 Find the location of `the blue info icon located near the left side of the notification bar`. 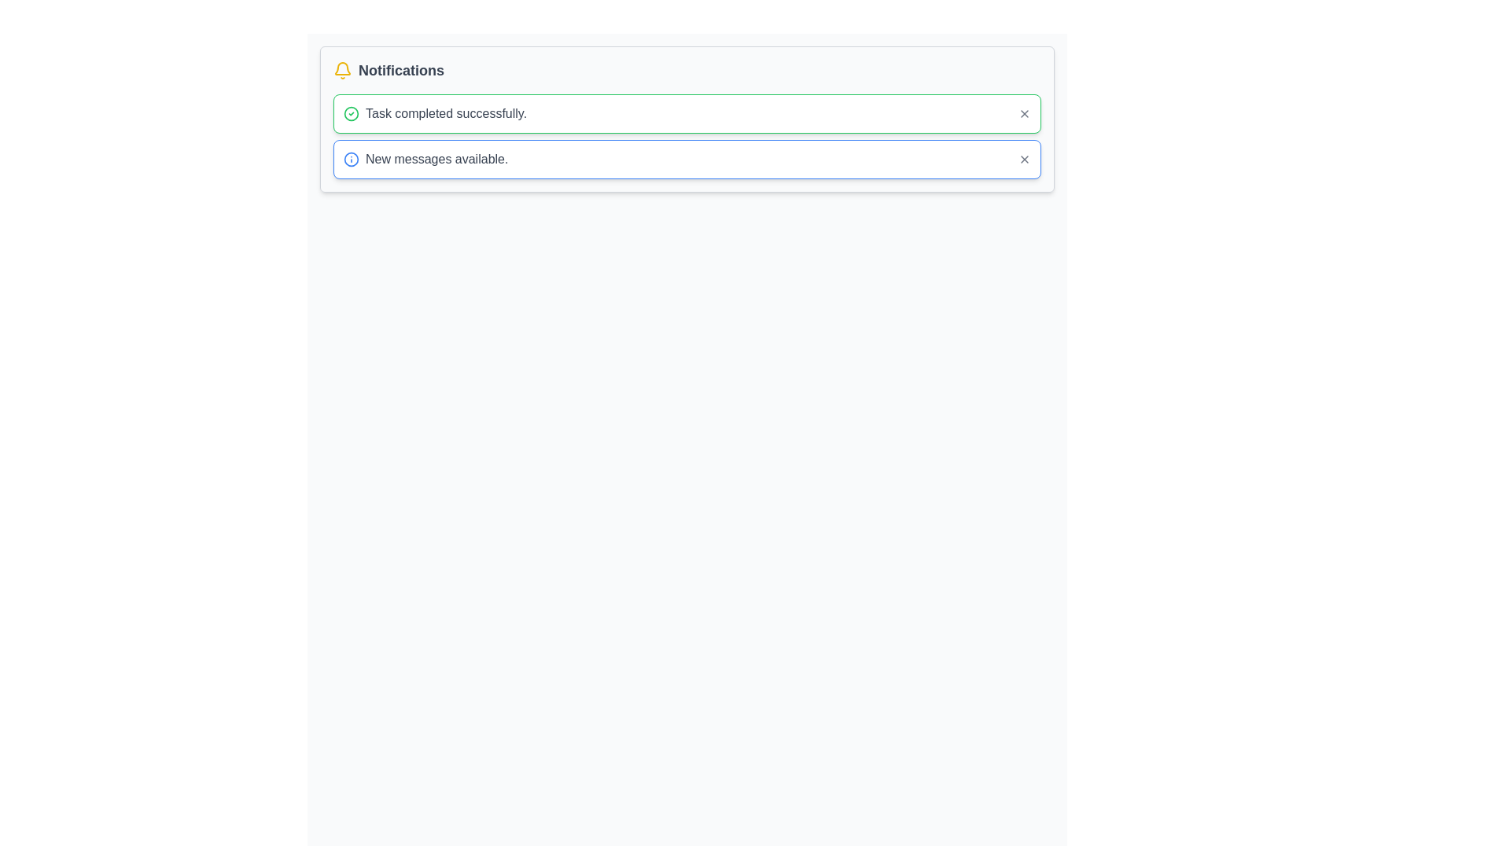

the blue info icon located near the left side of the notification bar is located at coordinates (350, 160).